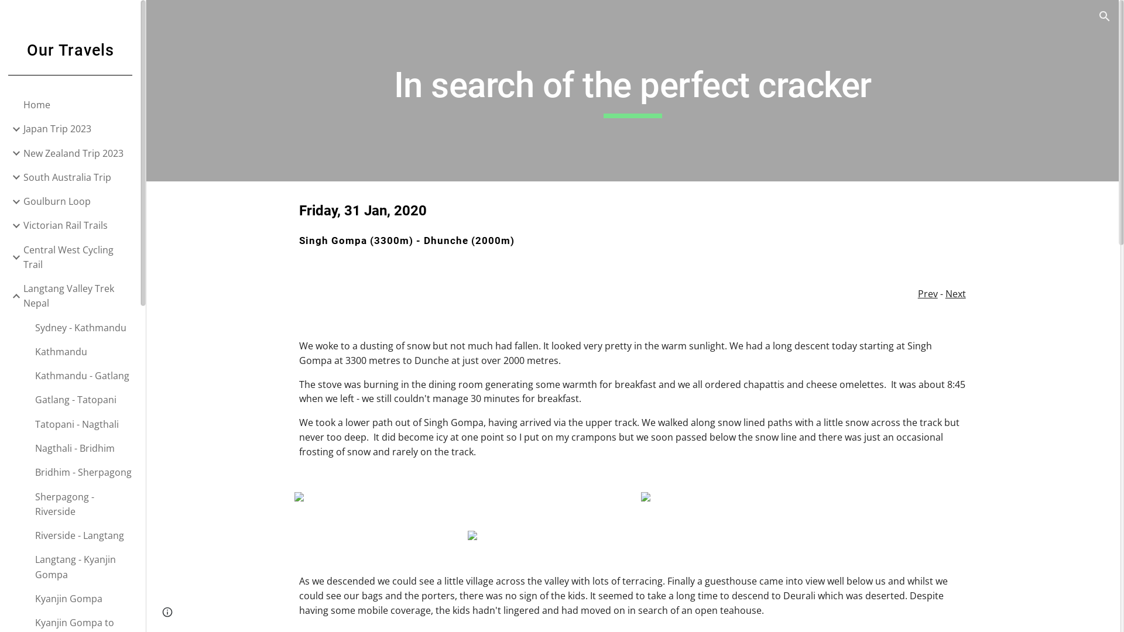 This screenshot has width=1124, height=632. I want to click on 'Langtang - Kyanjin Gompa', so click(83, 566).